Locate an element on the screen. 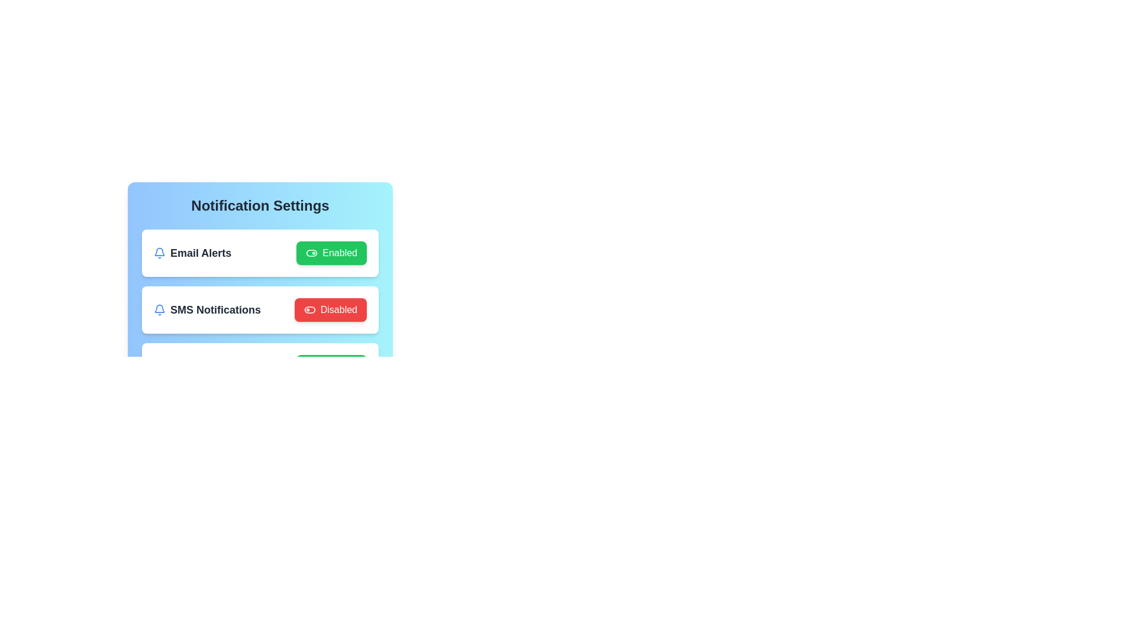 The width and height of the screenshot is (1136, 639). the button corresponding to Email Alerts is located at coordinates (331, 253).